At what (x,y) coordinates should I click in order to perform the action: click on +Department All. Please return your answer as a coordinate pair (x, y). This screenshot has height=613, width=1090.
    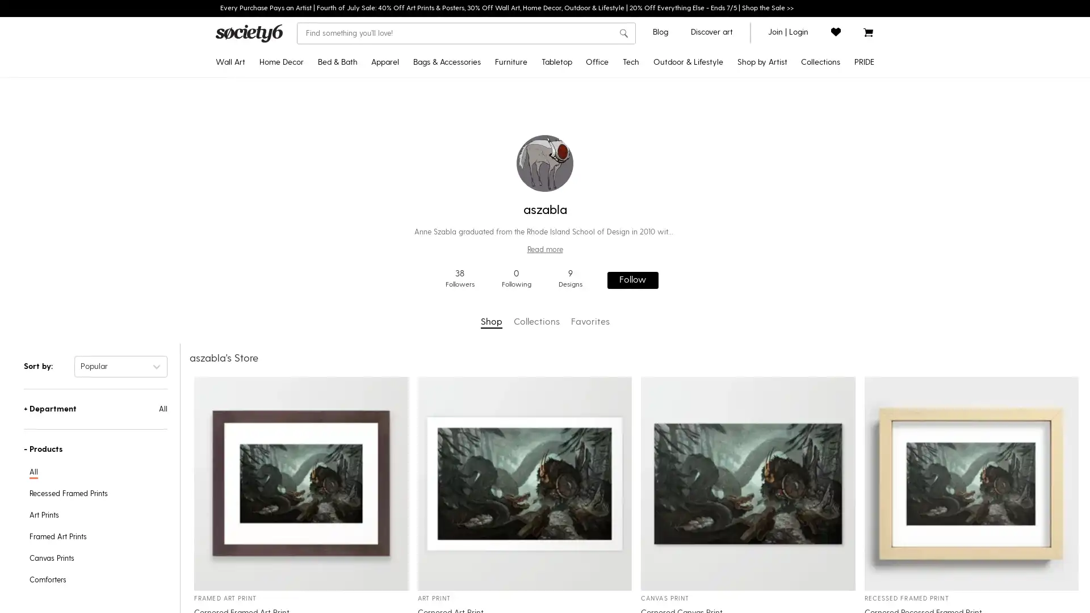
    Looking at the image, I should click on (95, 409).